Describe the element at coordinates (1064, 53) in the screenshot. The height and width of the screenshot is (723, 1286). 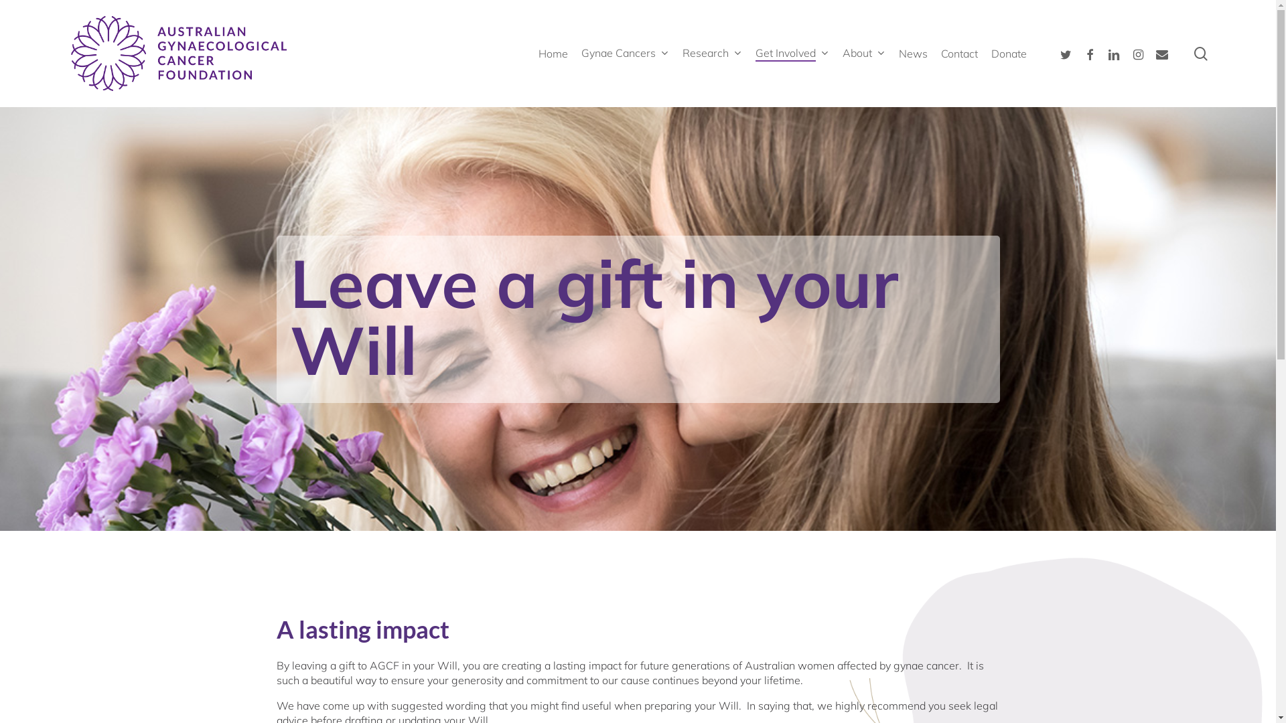
I see `'twitter'` at that location.